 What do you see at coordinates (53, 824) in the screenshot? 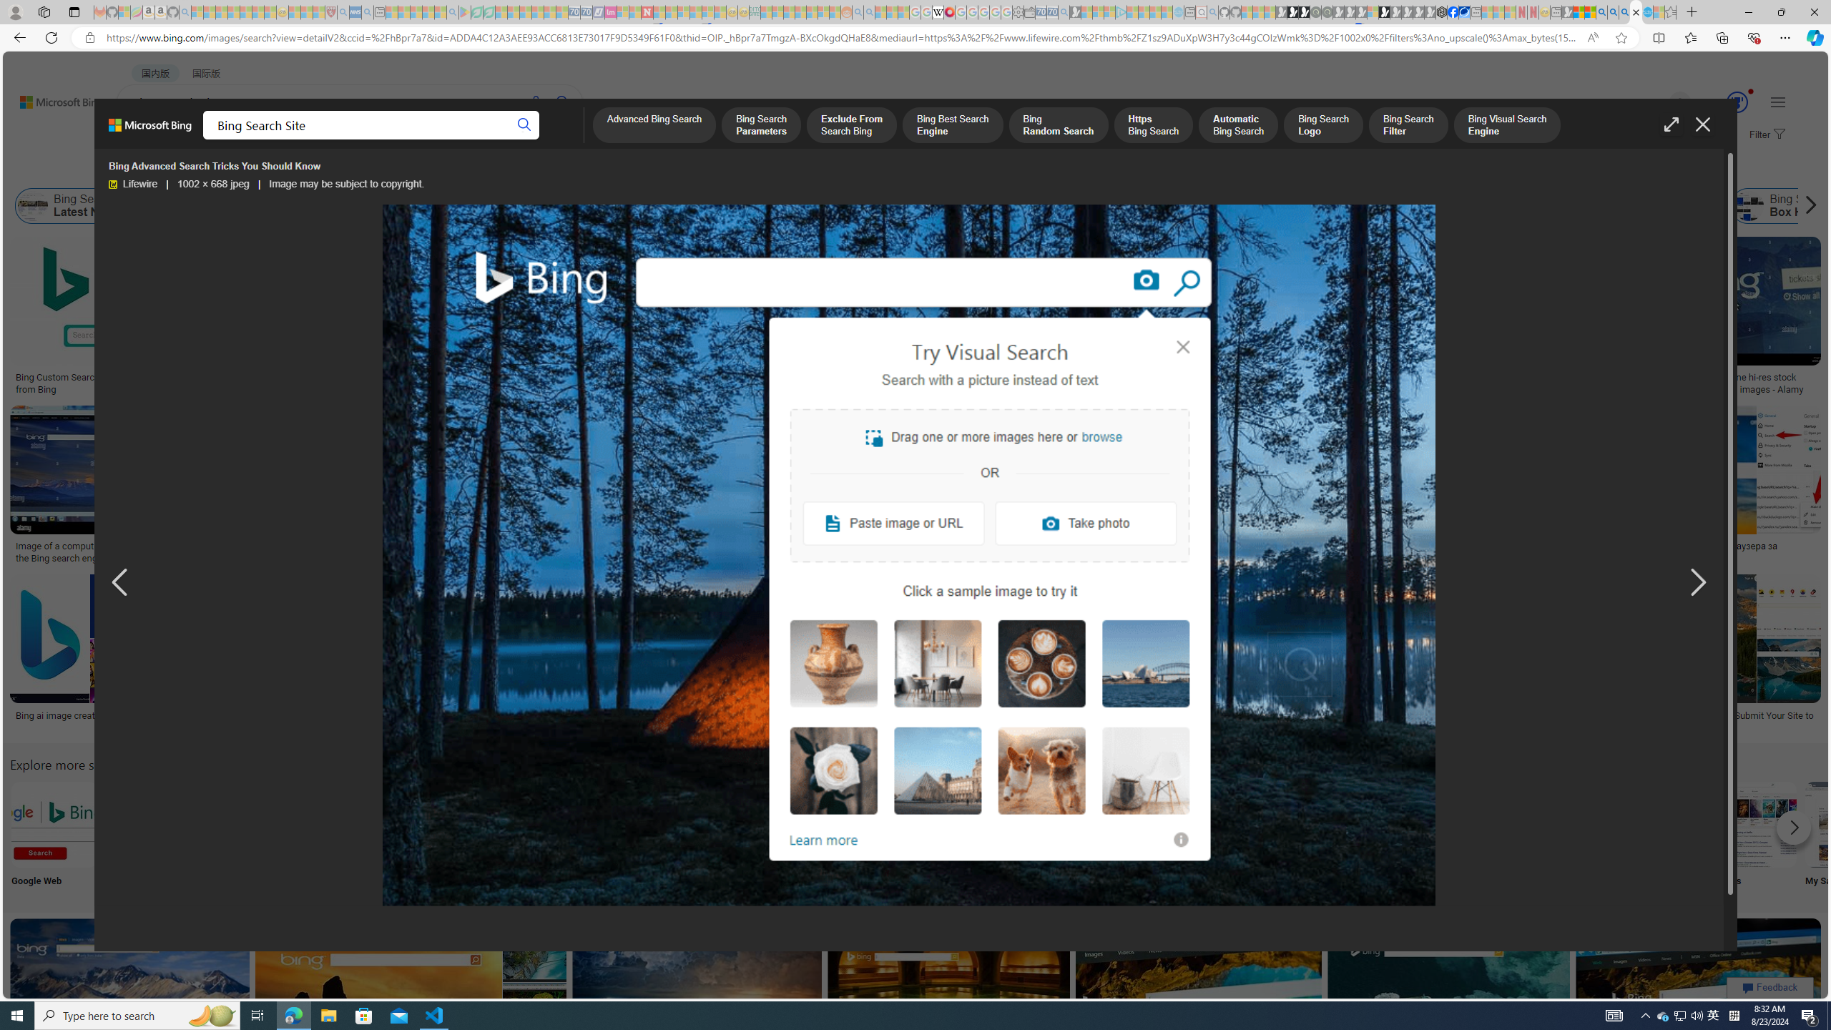
I see `'Google Web Search Bing'` at bounding box center [53, 824].